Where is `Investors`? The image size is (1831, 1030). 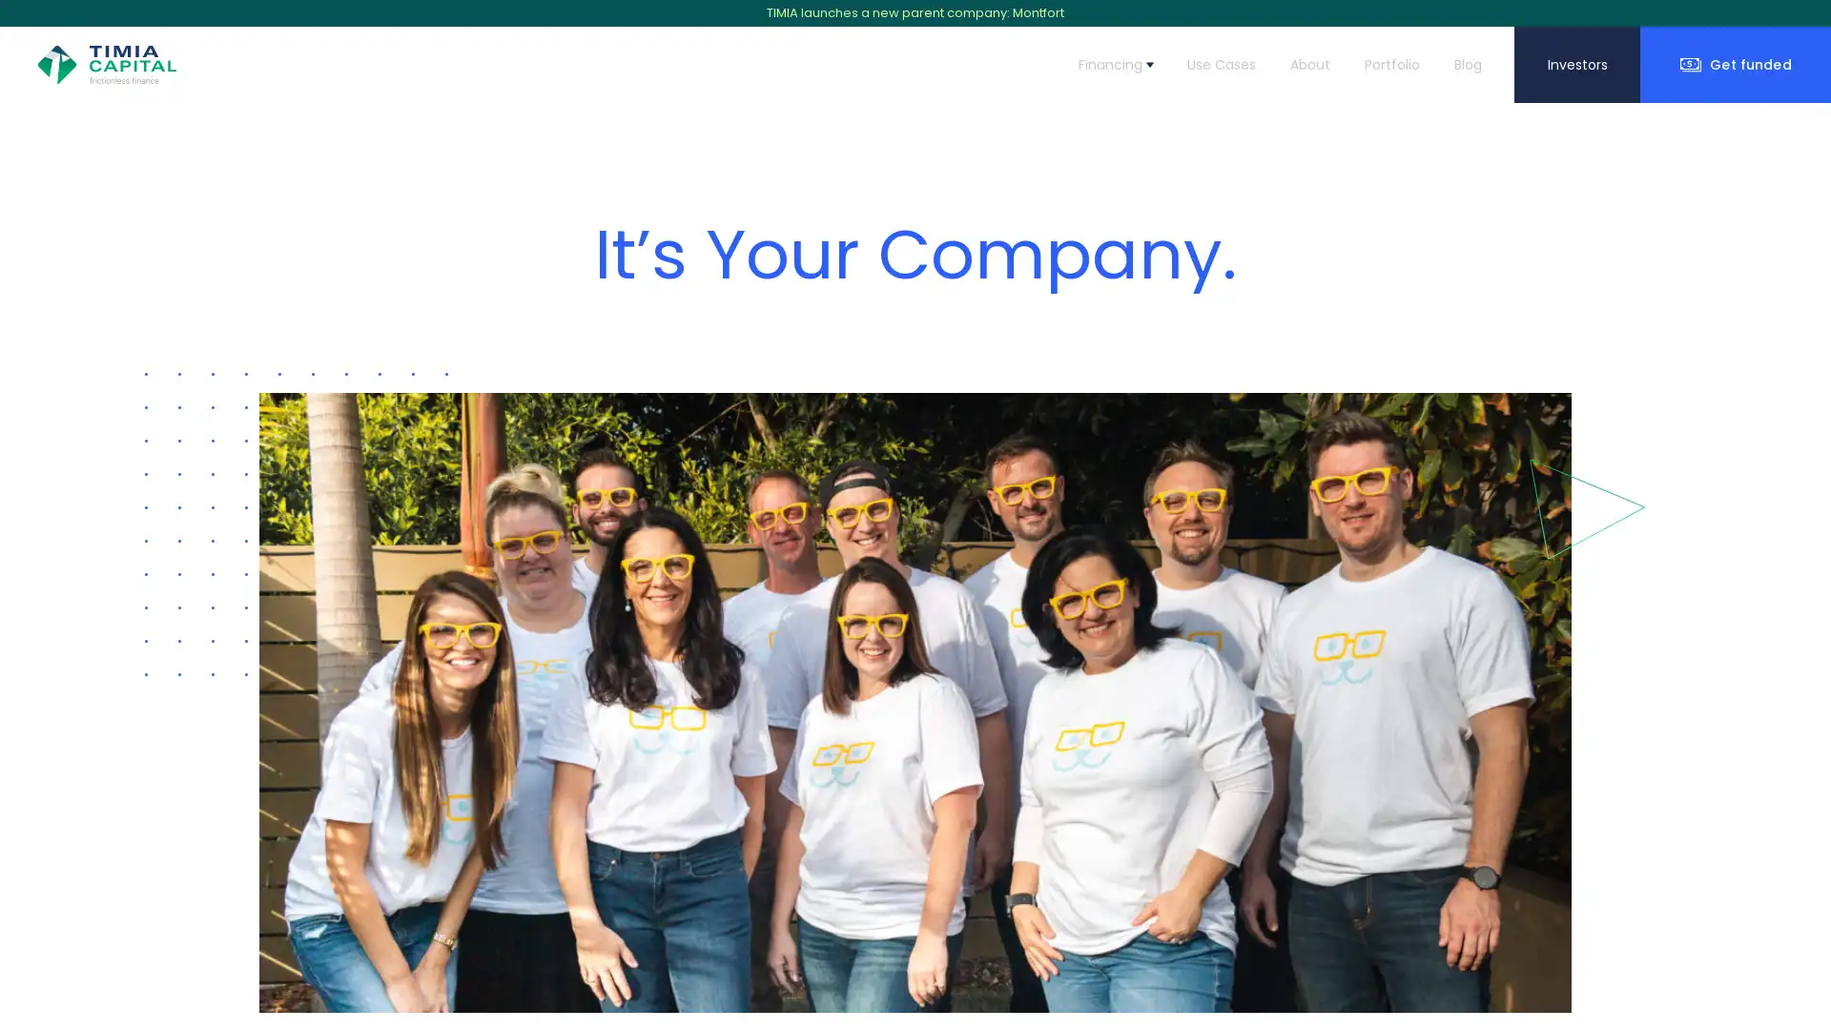 Investors is located at coordinates (1577, 64).